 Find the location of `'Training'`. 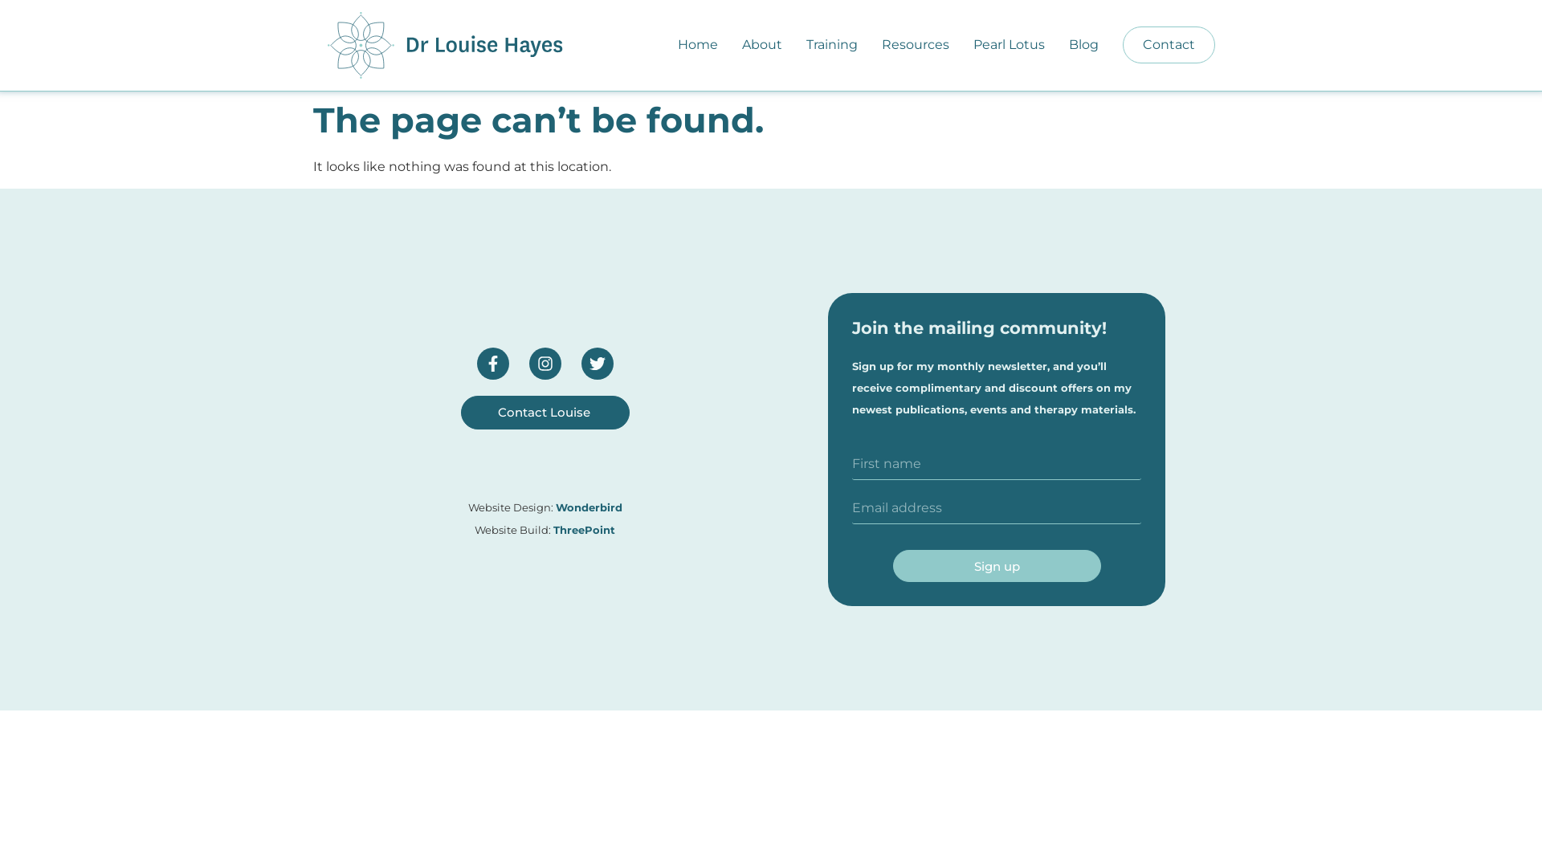

'Training' is located at coordinates (832, 44).